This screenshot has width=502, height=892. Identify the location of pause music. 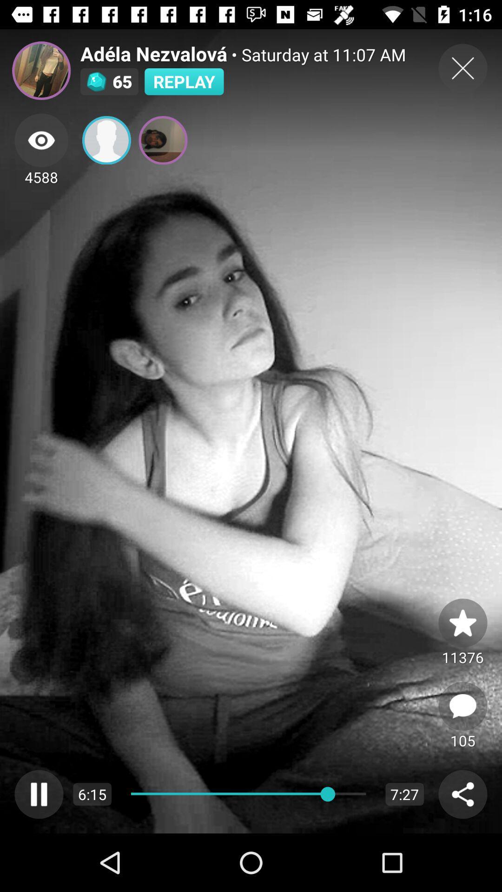
(39, 794).